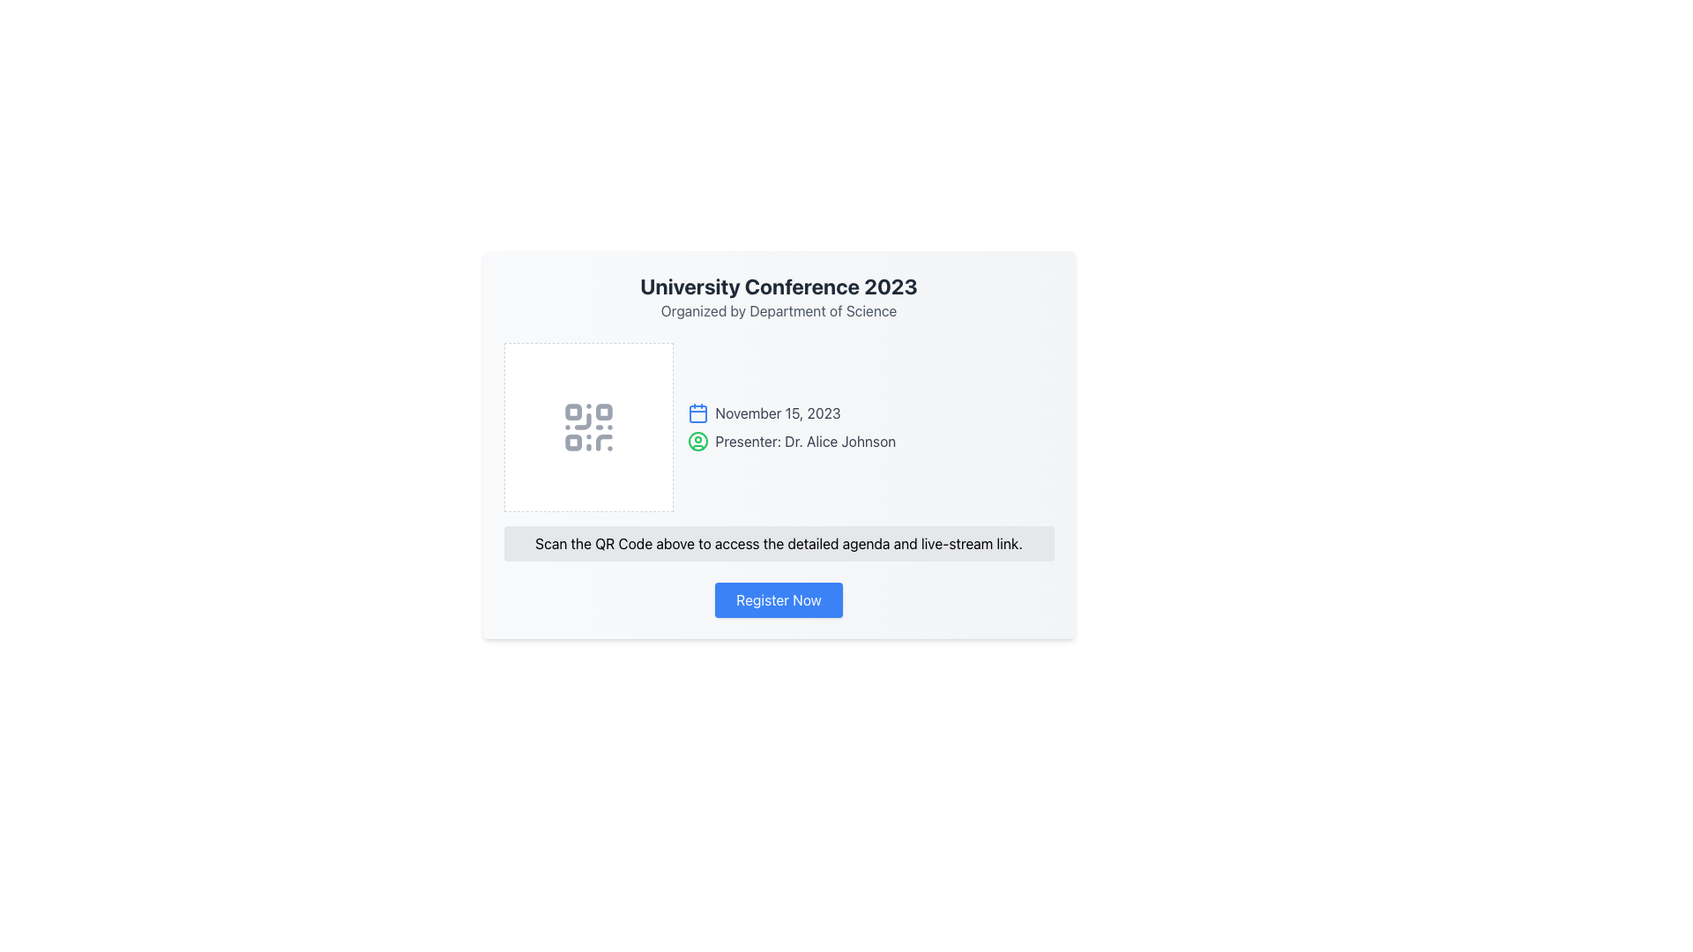  Describe the element at coordinates (573, 442) in the screenshot. I see `the small square with rounded corners located in the bottom-left corner of the QR code graphic, which is the third among four similarly-shaped squares` at that location.